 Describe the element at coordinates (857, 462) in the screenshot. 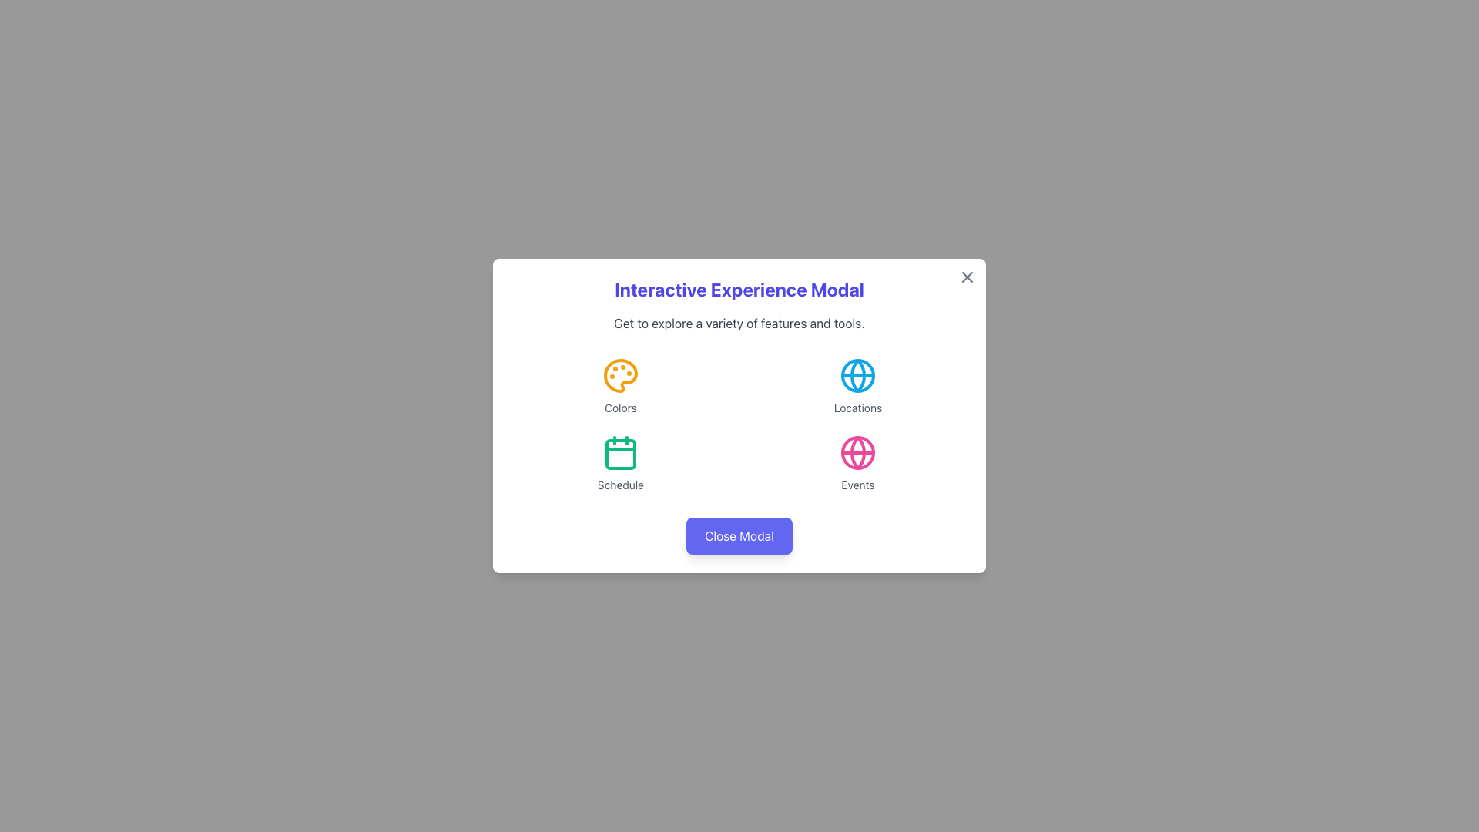

I see `the fourth clickable menu item in the bottom right corner of the 2x2 grid, which represents the 'Events' feature` at that location.